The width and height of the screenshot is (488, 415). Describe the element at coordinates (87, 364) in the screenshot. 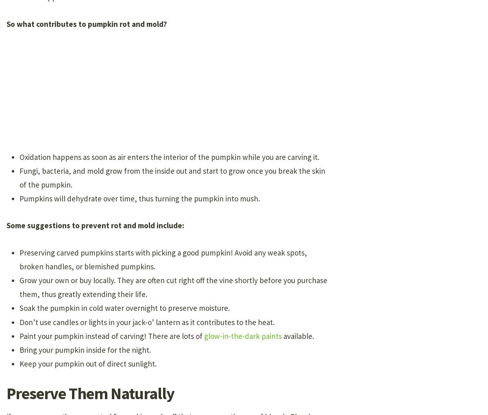

I see `'Keep your pumpkin out of direct sunlight.'` at that location.